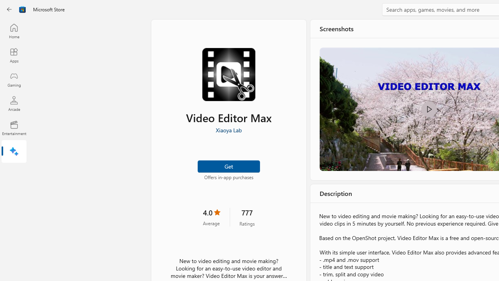  I want to click on 'Get', so click(228, 165).